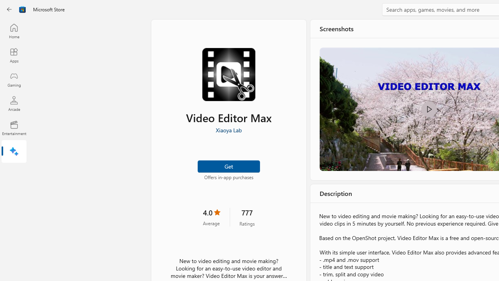  I want to click on 'Get', so click(228, 165).